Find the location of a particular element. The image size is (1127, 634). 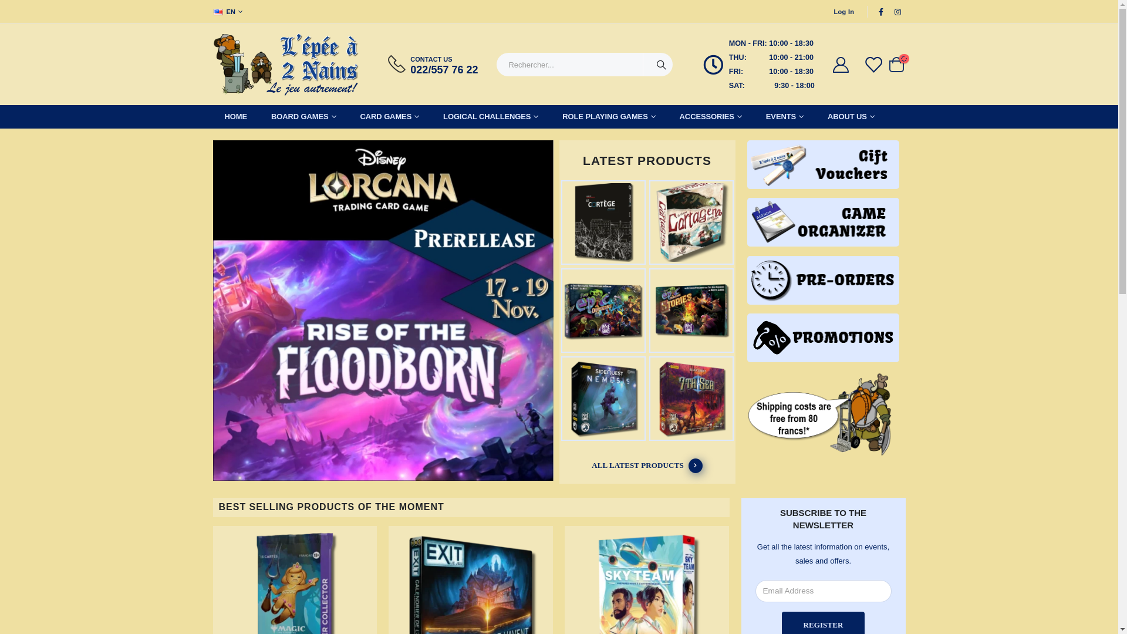

'frais-de-ports_en' is located at coordinates (822, 414).